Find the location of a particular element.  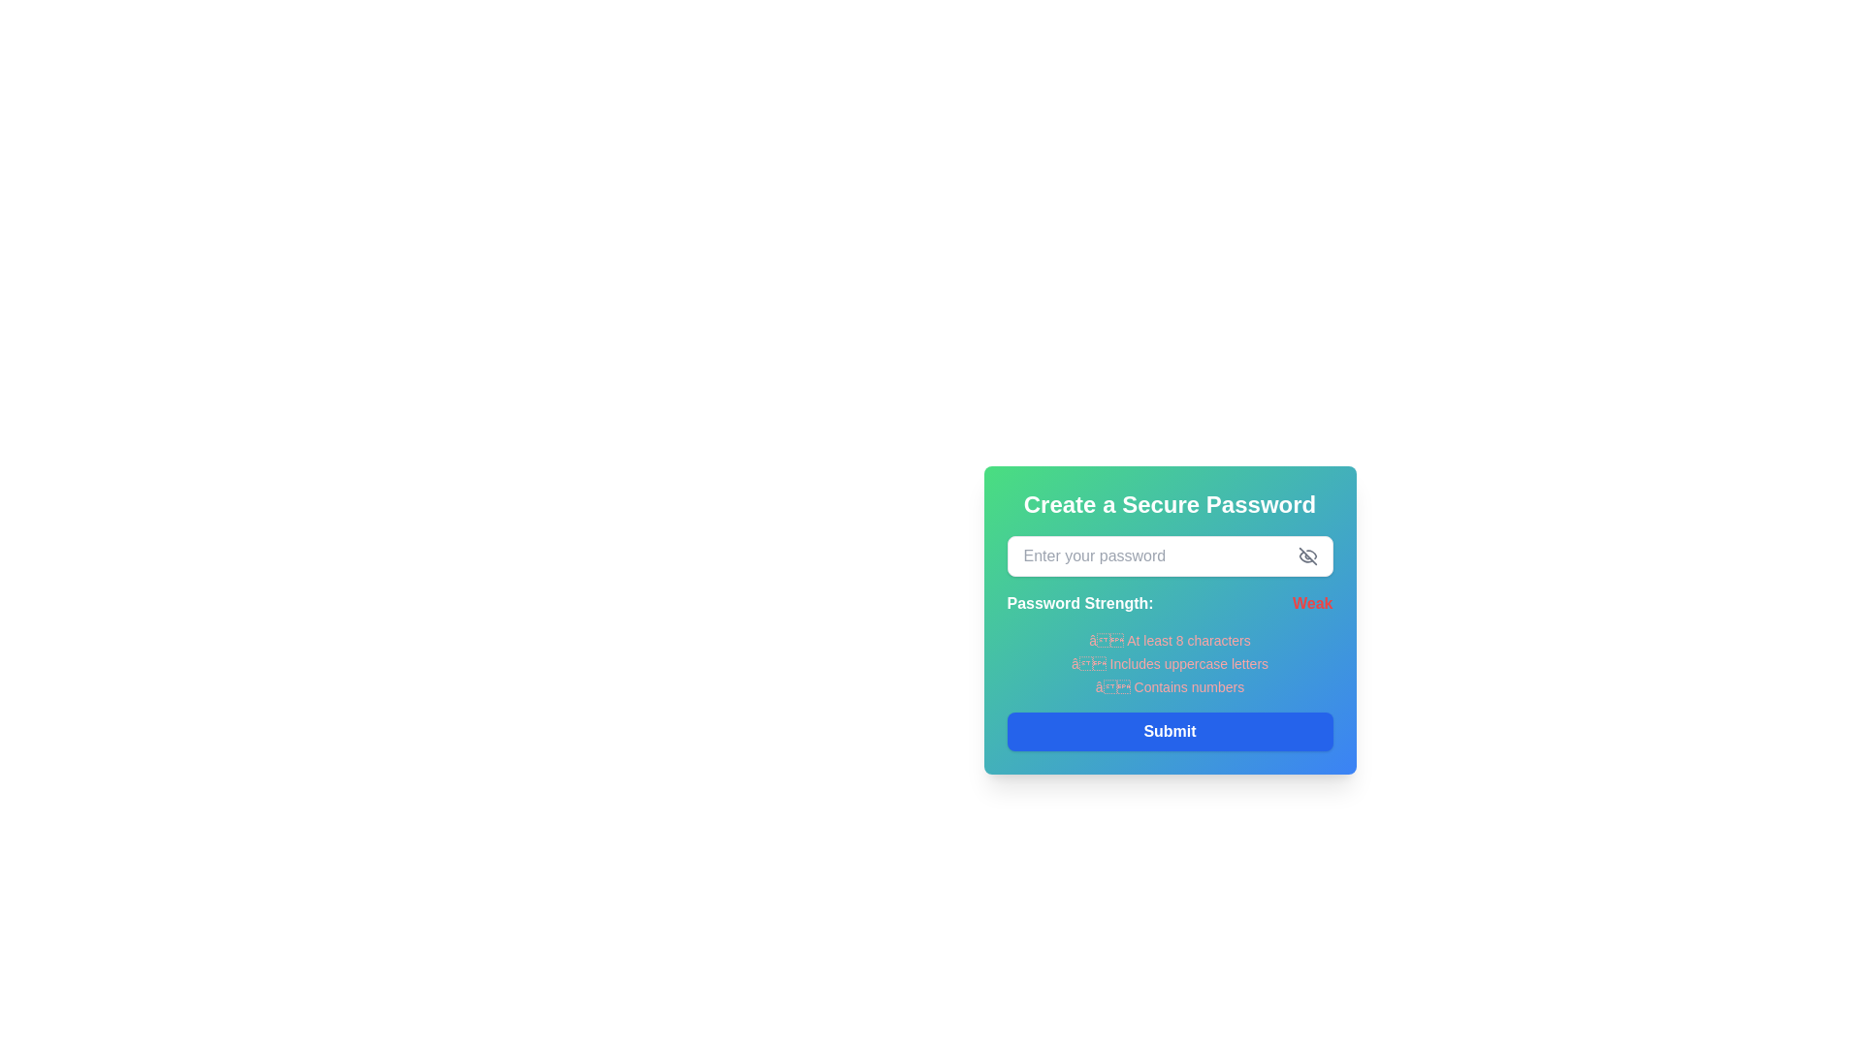

the Informational text block containing criteria for creating a strong password, which is styled with a gradient background and bold key phrases like 'Password Strength:' and 'Weak' is located at coordinates (1169, 690).